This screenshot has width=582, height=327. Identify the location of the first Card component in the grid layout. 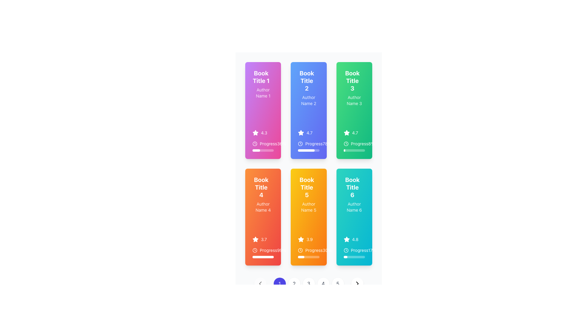
(263, 111).